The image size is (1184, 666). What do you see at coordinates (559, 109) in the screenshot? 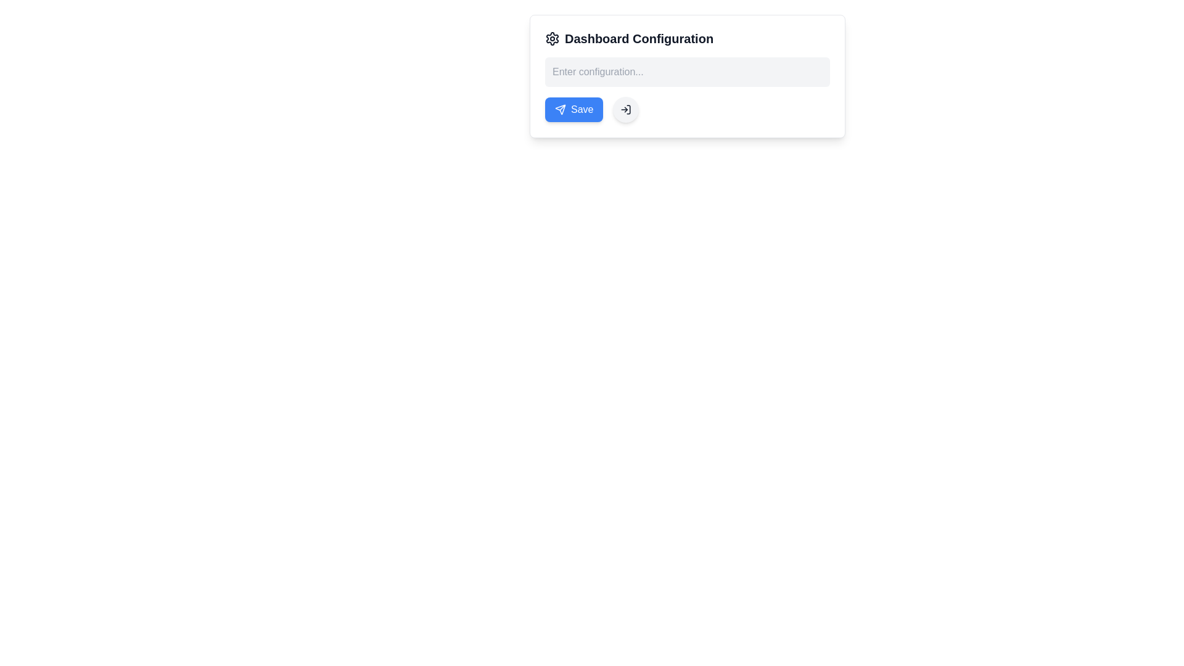
I see `the small triangular arrow-like icon embedded in the 'Save' button located within the 'Dashboard Configuration' box` at bounding box center [559, 109].